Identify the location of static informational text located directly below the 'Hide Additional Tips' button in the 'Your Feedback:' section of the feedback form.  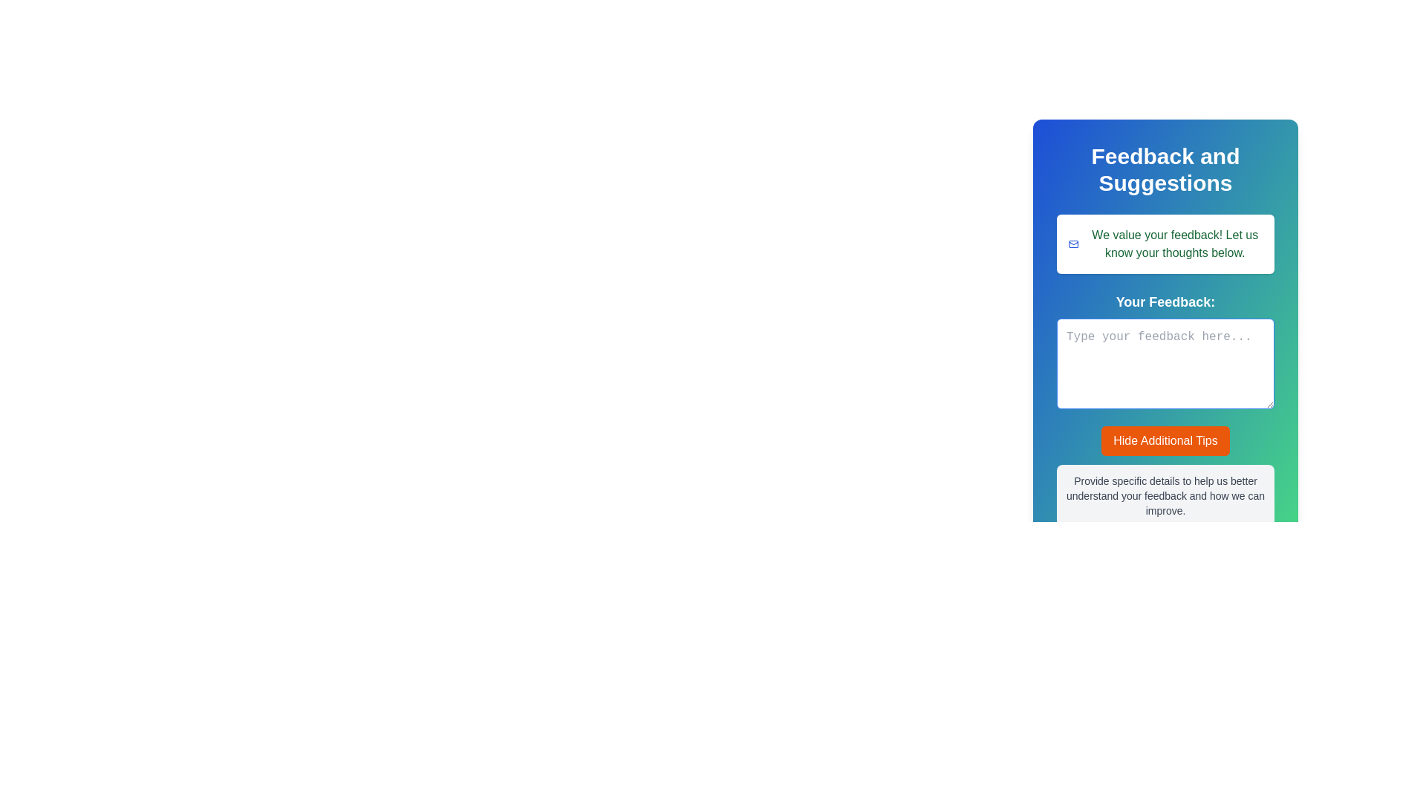
(1165, 476).